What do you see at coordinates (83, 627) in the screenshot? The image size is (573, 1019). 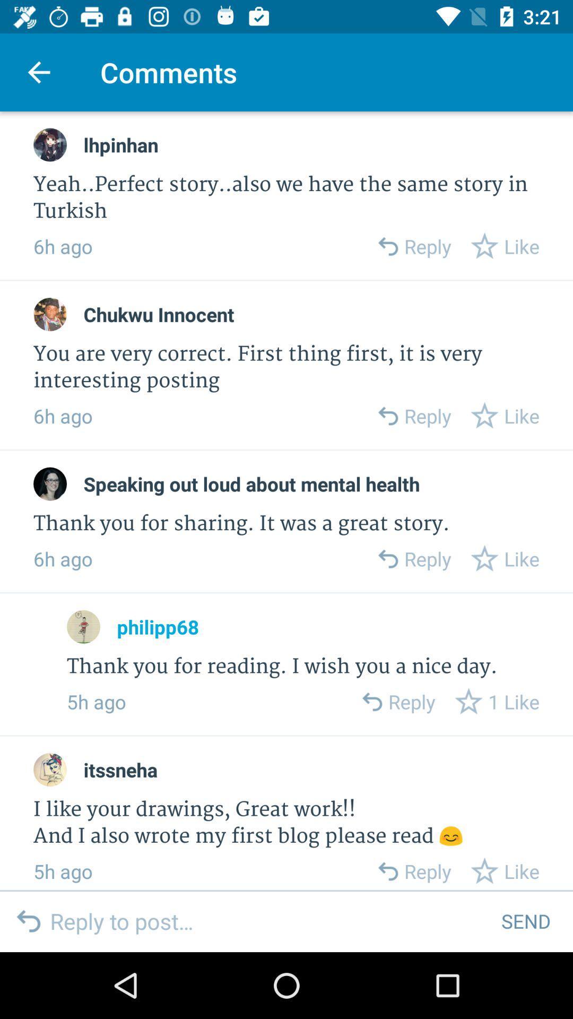 I see `open commenter profile` at bounding box center [83, 627].